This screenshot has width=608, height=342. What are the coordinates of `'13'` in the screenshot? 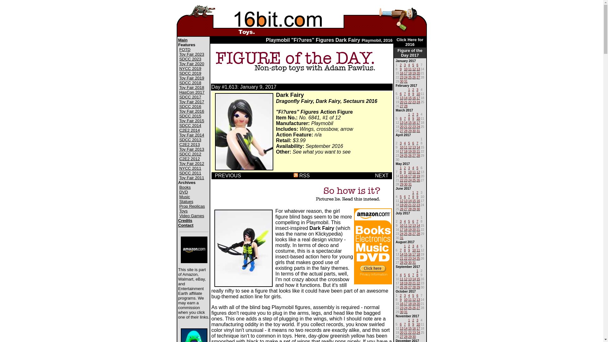 It's located at (401, 122).